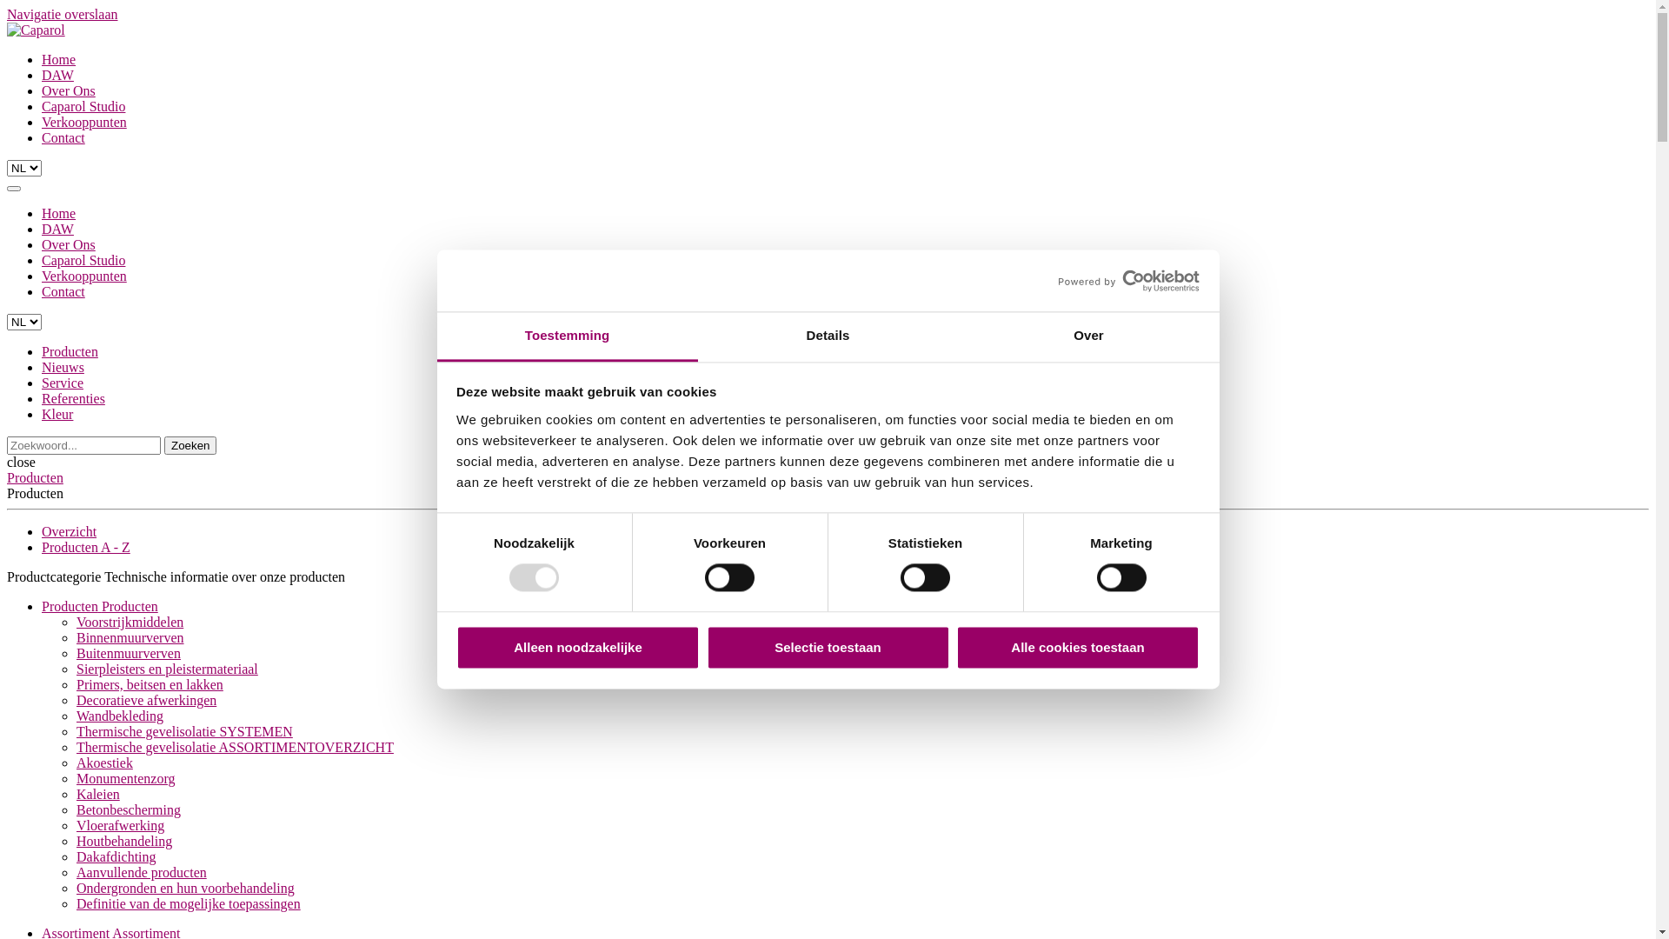 This screenshot has height=939, width=1669. What do you see at coordinates (184, 731) in the screenshot?
I see `'Thermische gevelisolatie SYSTEMEN'` at bounding box center [184, 731].